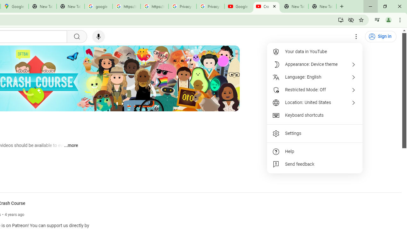 The width and height of the screenshot is (407, 229). Describe the element at coordinates (266, 6) in the screenshot. I see `'CrashCourse - YouTube'` at that location.